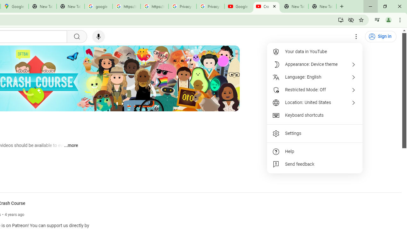 The width and height of the screenshot is (407, 229). Describe the element at coordinates (266, 6) in the screenshot. I see `'CrashCourse - YouTube'` at that location.